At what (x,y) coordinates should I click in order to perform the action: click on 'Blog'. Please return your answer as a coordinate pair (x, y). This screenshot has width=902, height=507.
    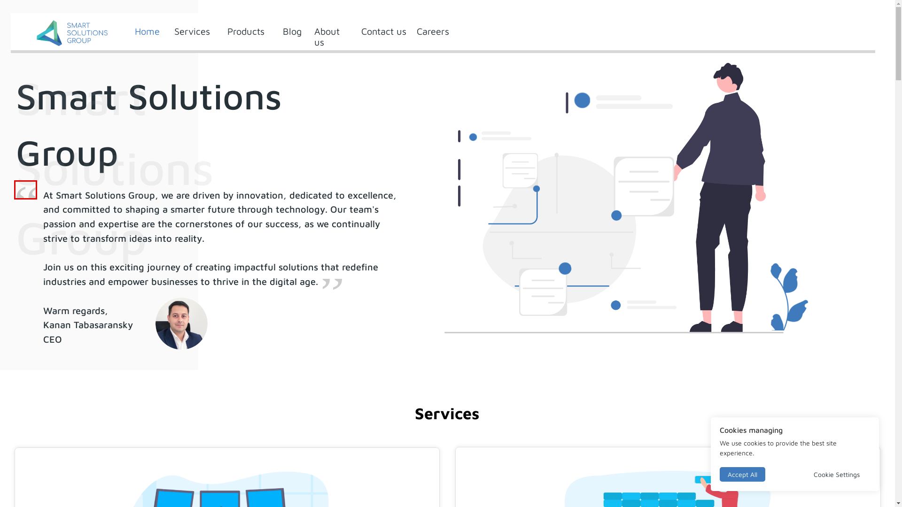
    Looking at the image, I should click on (282, 31).